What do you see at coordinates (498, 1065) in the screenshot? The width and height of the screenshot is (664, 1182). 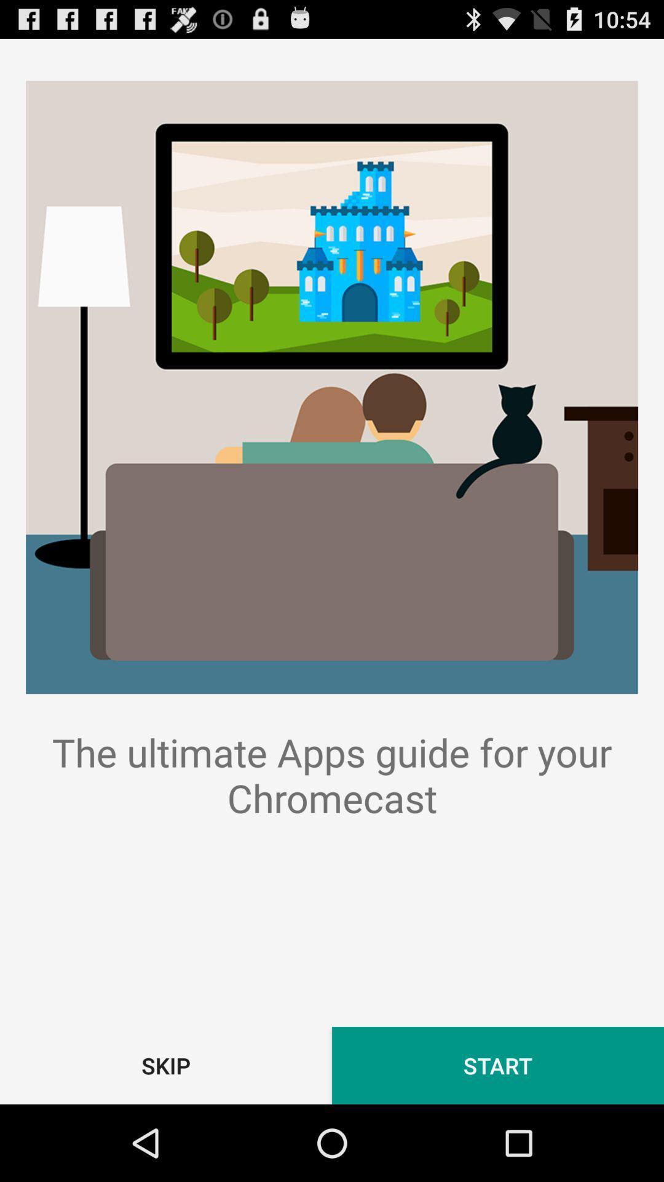 I see `the item to the right of skip icon` at bounding box center [498, 1065].